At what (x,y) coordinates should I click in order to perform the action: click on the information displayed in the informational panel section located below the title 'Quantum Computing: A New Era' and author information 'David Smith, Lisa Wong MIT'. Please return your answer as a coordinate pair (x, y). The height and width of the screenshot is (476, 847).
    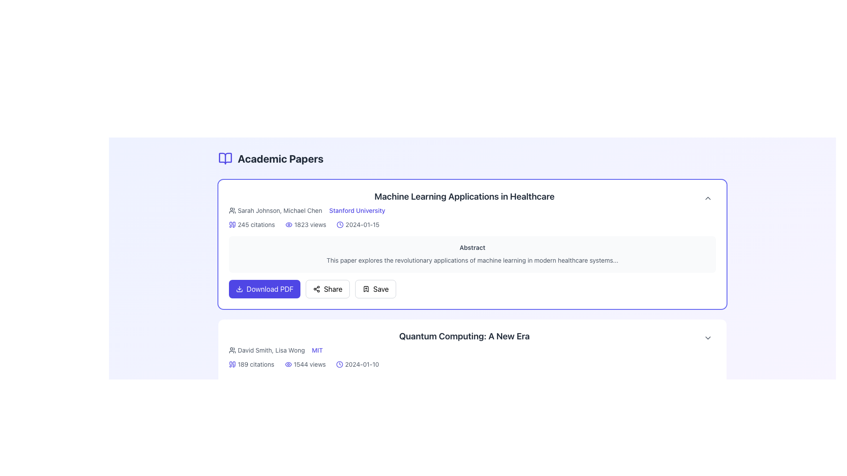
    Looking at the image, I should click on (472, 364).